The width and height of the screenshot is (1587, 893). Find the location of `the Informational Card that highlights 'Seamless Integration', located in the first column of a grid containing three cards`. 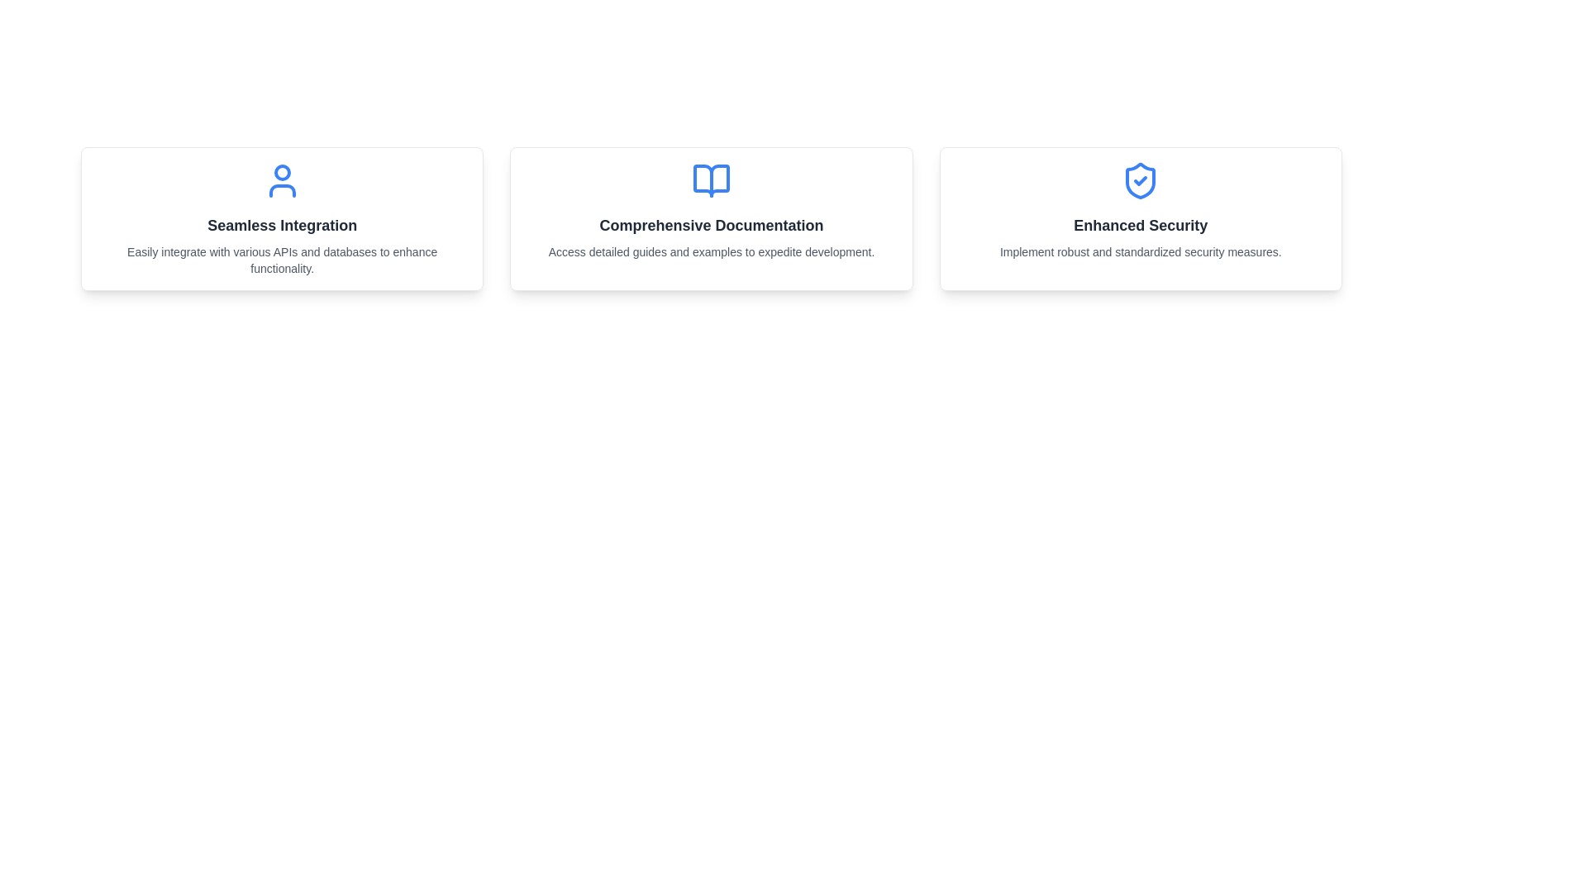

the Informational Card that highlights 'Seamless Integration', located in the first column of a grid containing three cards is located at coordinates (282, 218).